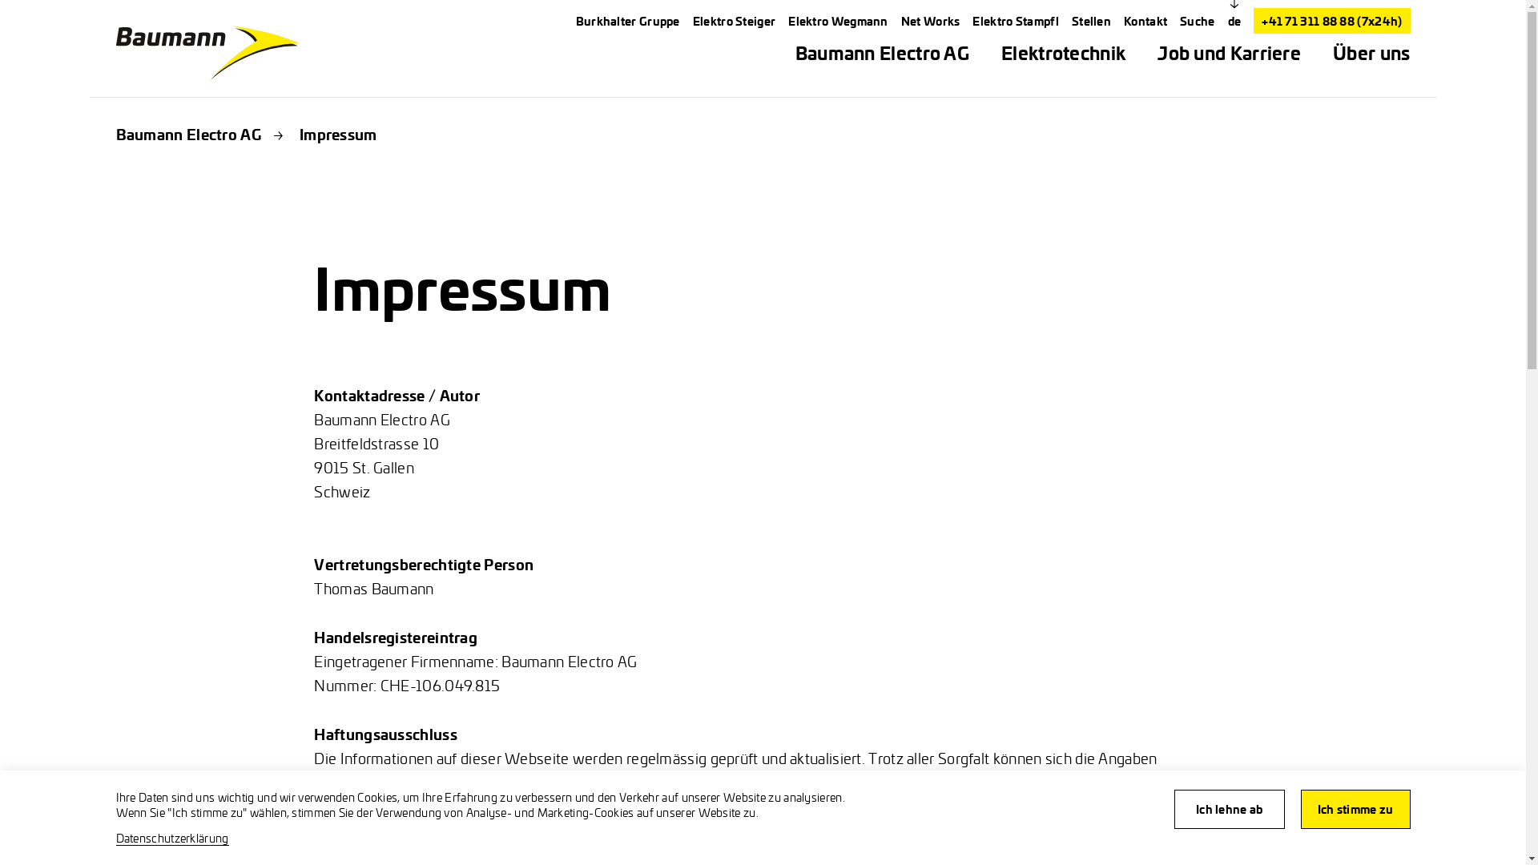 The image size is (1538, 865). What do you see at coordinates (1229, 809) in the screenshot?
I see `'Ich lehne ab'` at bounding box center [1229, 809].